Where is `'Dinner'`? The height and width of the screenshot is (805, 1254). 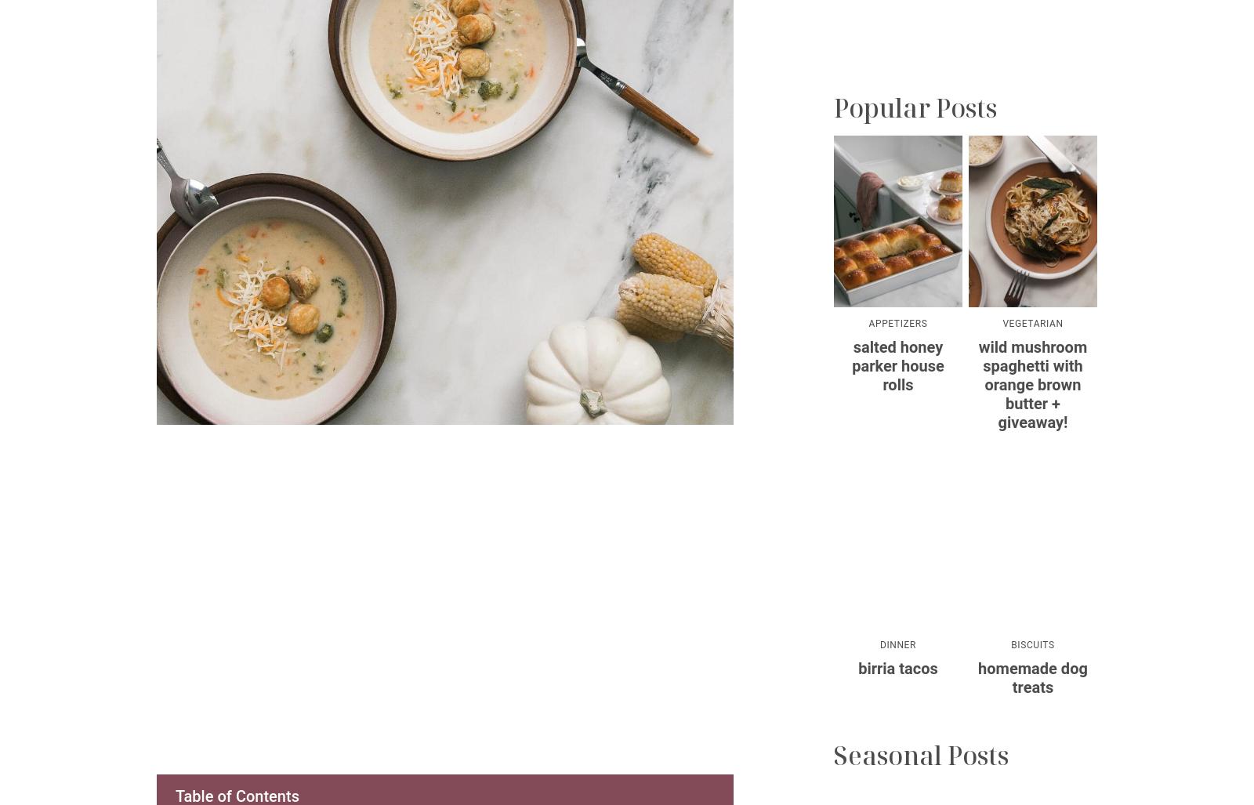
'Dinner' is located at coordinates (897, 644).